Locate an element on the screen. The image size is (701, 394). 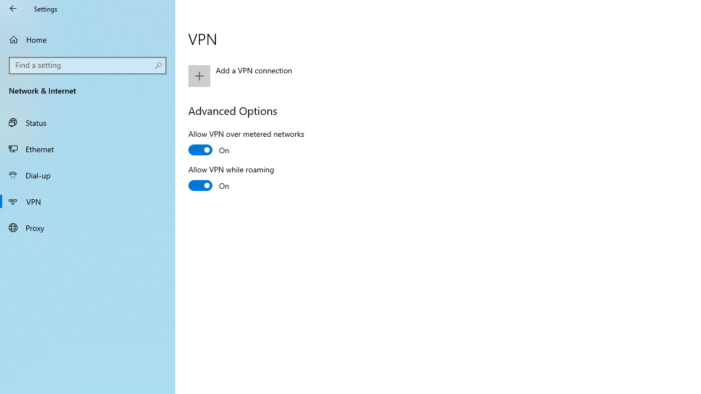
'Search box, Find a setting' is located at coordinates (88, 65).